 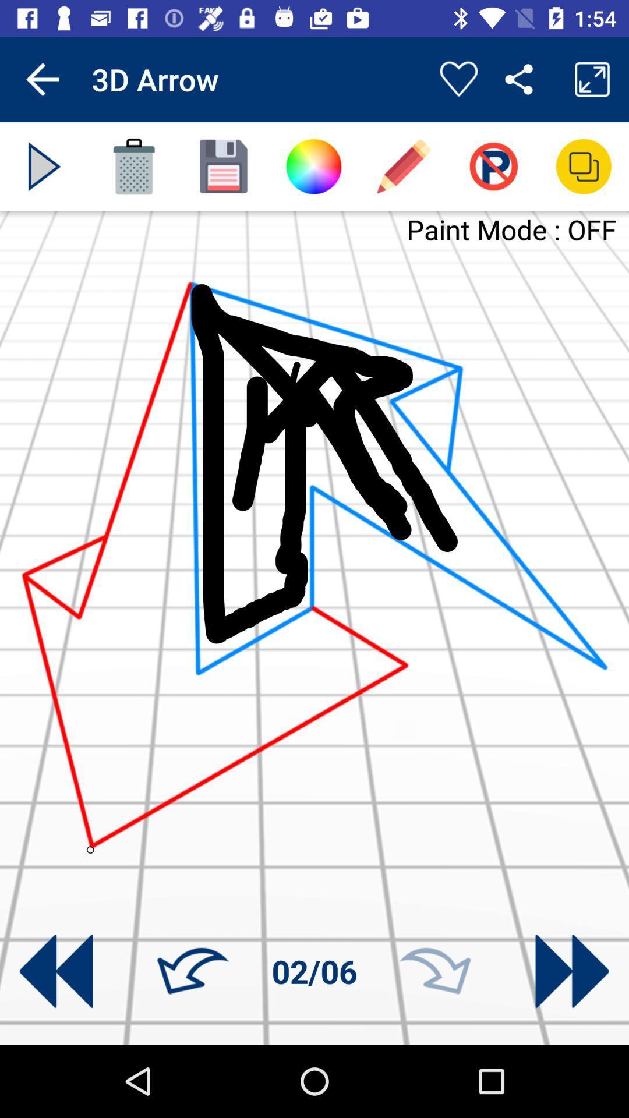 What do you see at coordinates (458, 79) in the screenshot?
I see `mark as favorite` at bounding box center [458, 79].